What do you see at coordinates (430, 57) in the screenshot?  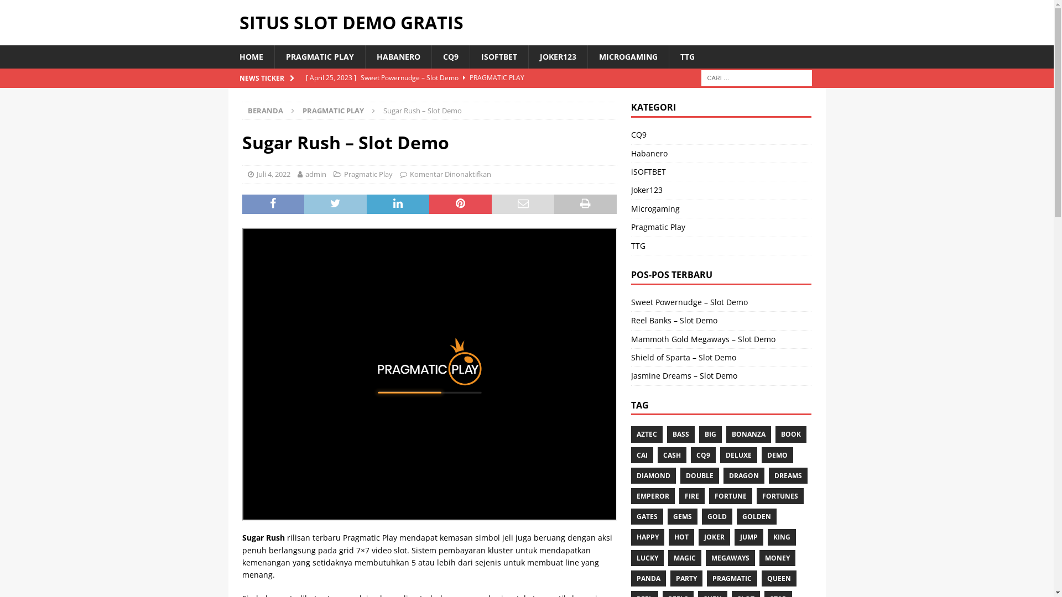 I see `'CQ9'` at bounding box center [430, 57].